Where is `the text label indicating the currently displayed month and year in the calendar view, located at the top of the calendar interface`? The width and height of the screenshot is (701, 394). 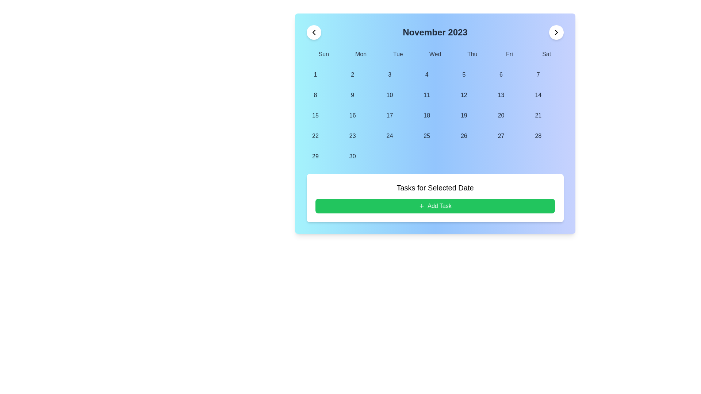
the text label indicating the currently displayed month and year in the calendar view, located at the top of the calendar interface is located at coordinates (435, 32).